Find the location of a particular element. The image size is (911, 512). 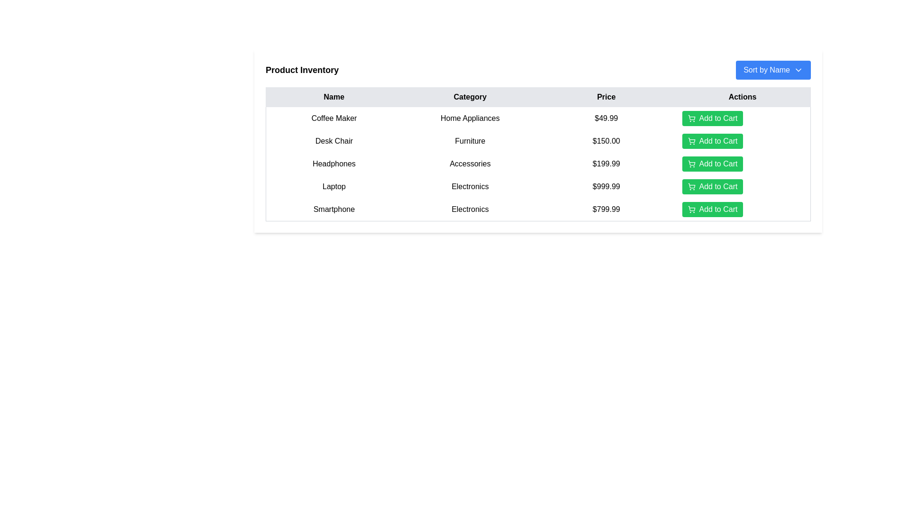

the price label displaying '$150.00' for the product 'Desk Chair' in the 'Price' column is located at coordinates (605, 141).